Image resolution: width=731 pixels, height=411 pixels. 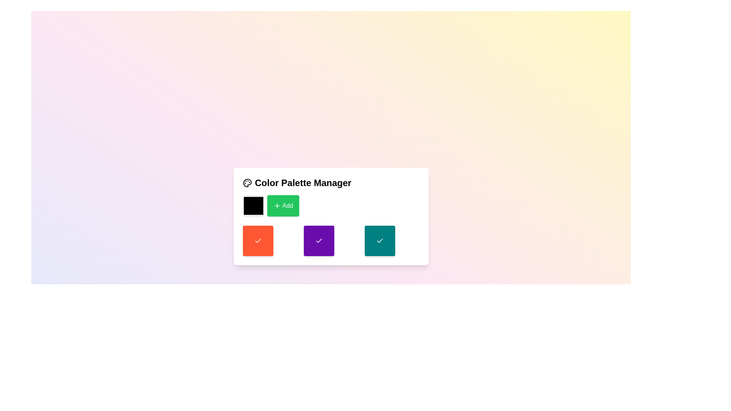 I want to click on the selectable color box in the Color Palette Manager, so click(x=258, y=241).